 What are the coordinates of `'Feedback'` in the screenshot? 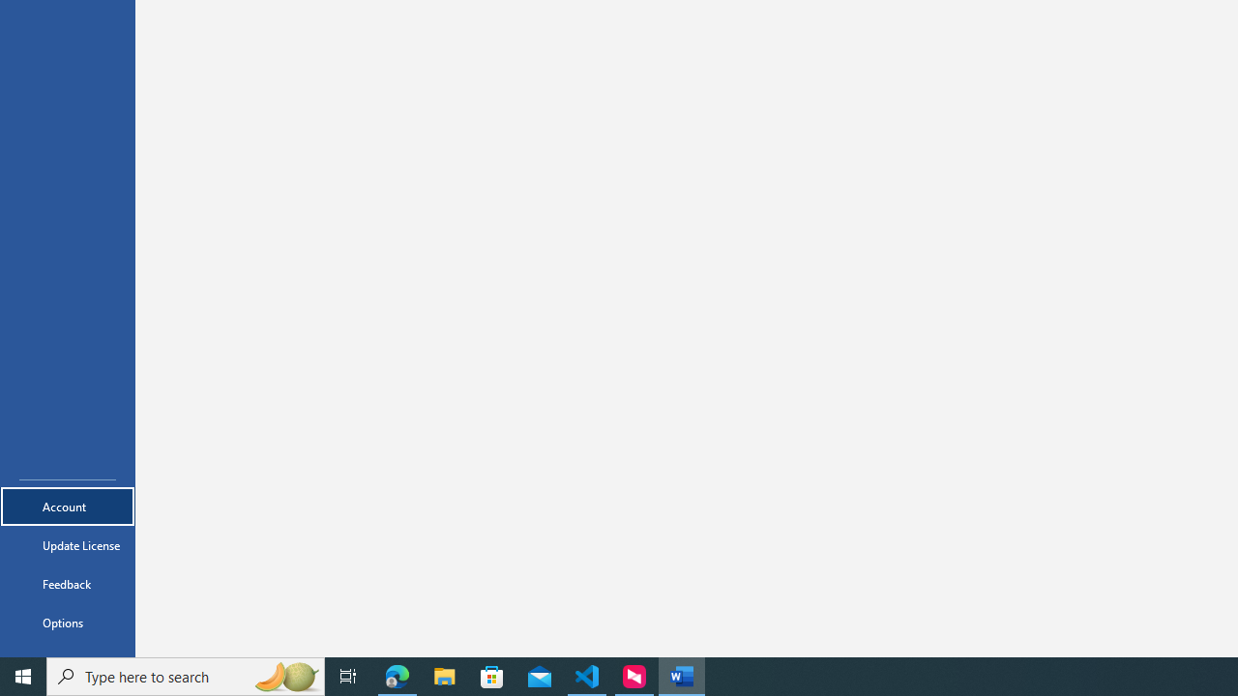 It's located at (67, 583).